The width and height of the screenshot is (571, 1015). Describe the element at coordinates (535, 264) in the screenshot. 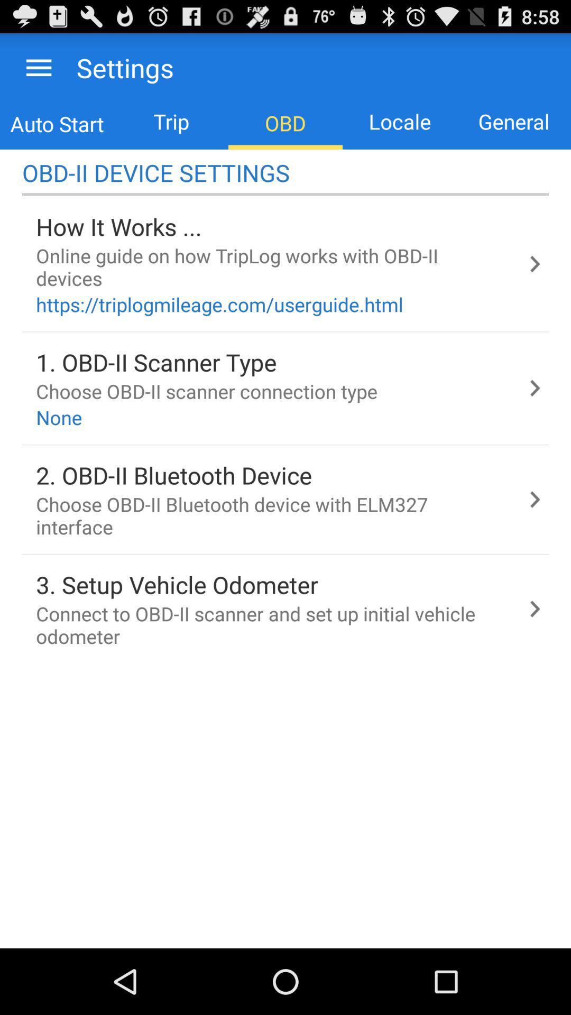

I see `the first next arrow` at that location.